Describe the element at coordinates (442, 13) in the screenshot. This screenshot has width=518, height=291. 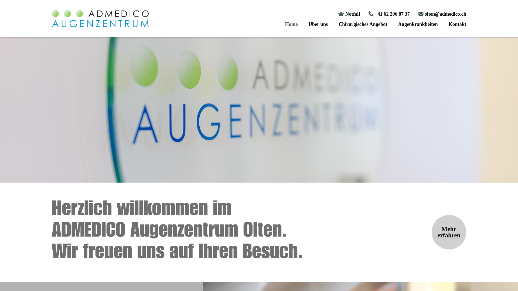
I see `'olten@admedico.ch'` at that location.